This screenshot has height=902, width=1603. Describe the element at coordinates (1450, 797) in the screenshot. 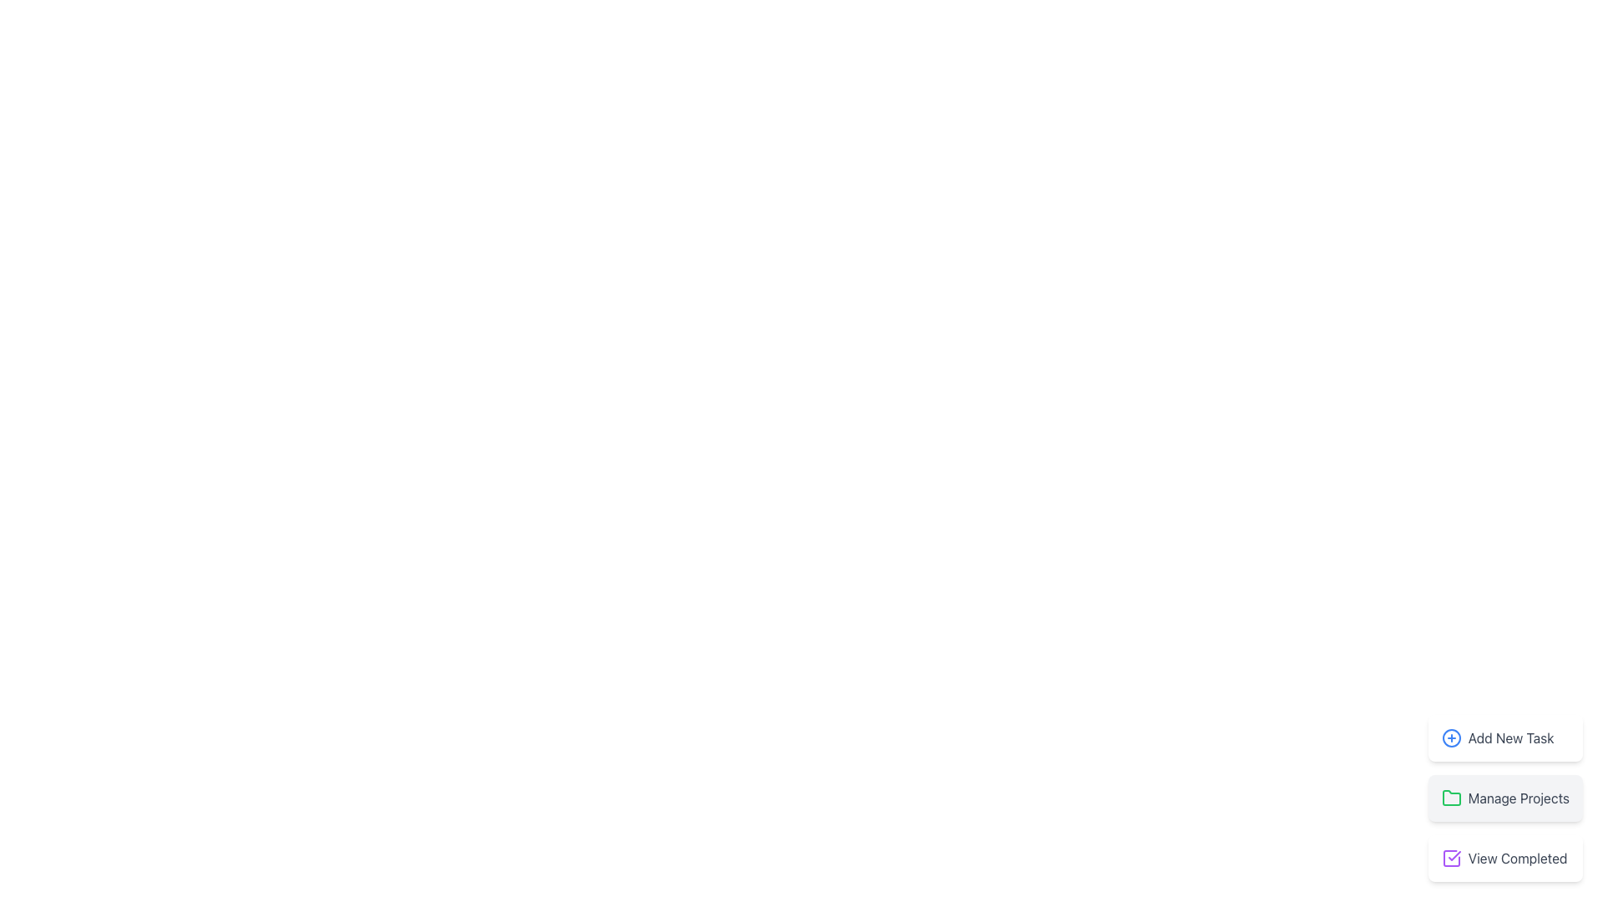

I see `the folder icon, which is part of the 'Manage Projects' button, located in the middle section of the rightmost vertical stack of buttons` at that location.